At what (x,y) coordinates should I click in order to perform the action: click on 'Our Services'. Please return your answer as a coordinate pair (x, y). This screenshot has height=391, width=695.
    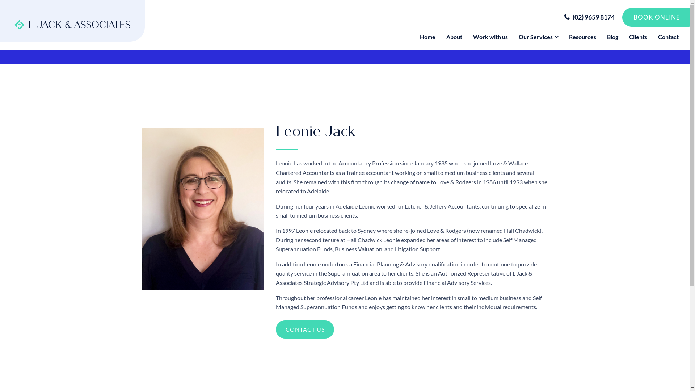
    Looking at the image, I should click on (538, 37).